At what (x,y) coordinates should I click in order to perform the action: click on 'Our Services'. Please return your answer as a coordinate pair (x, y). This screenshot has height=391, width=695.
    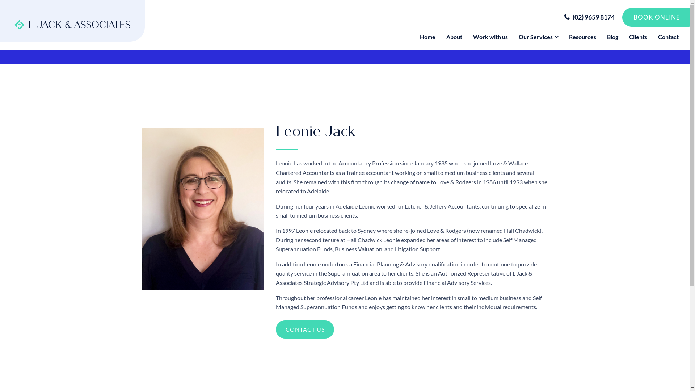
    Looking at the image, I should click on (538, 37).